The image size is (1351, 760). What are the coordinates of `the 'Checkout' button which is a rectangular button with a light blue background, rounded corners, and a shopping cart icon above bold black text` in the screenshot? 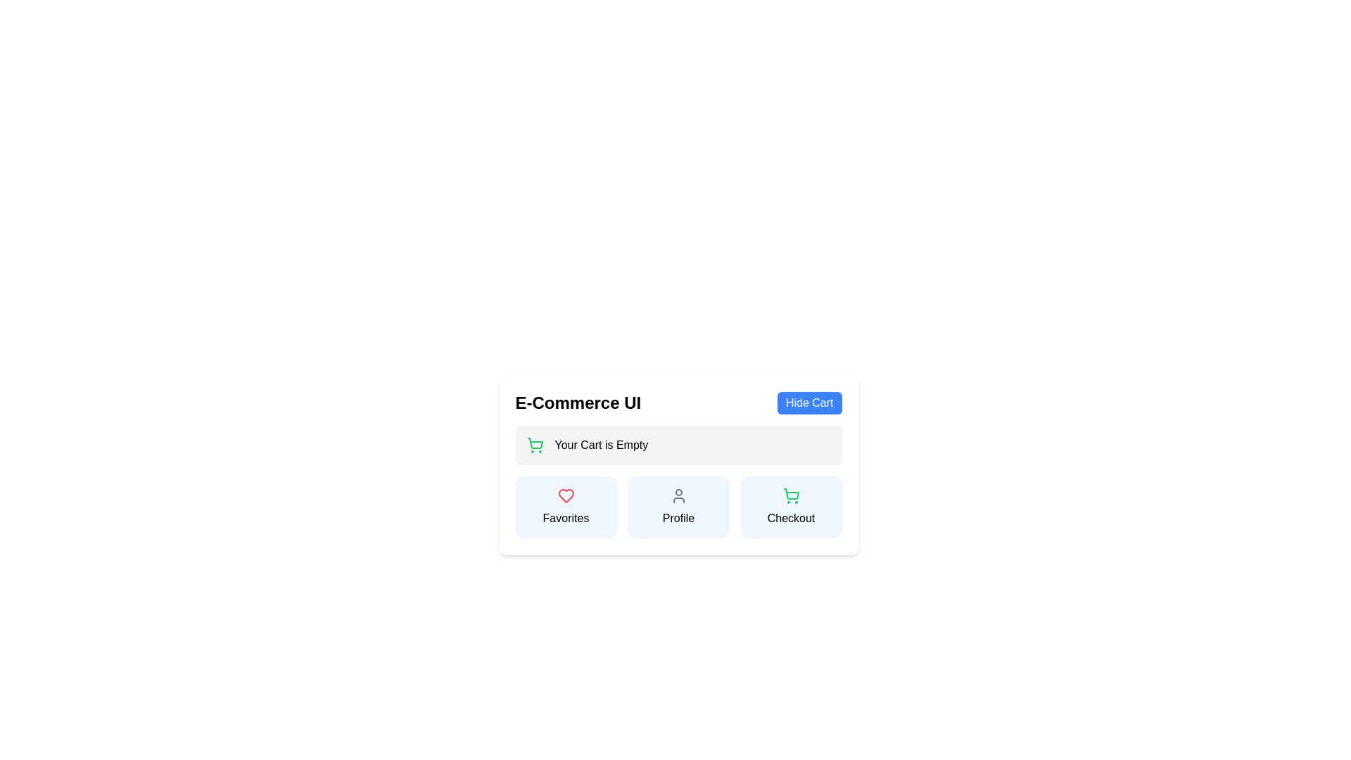 It's located at (791, 507).